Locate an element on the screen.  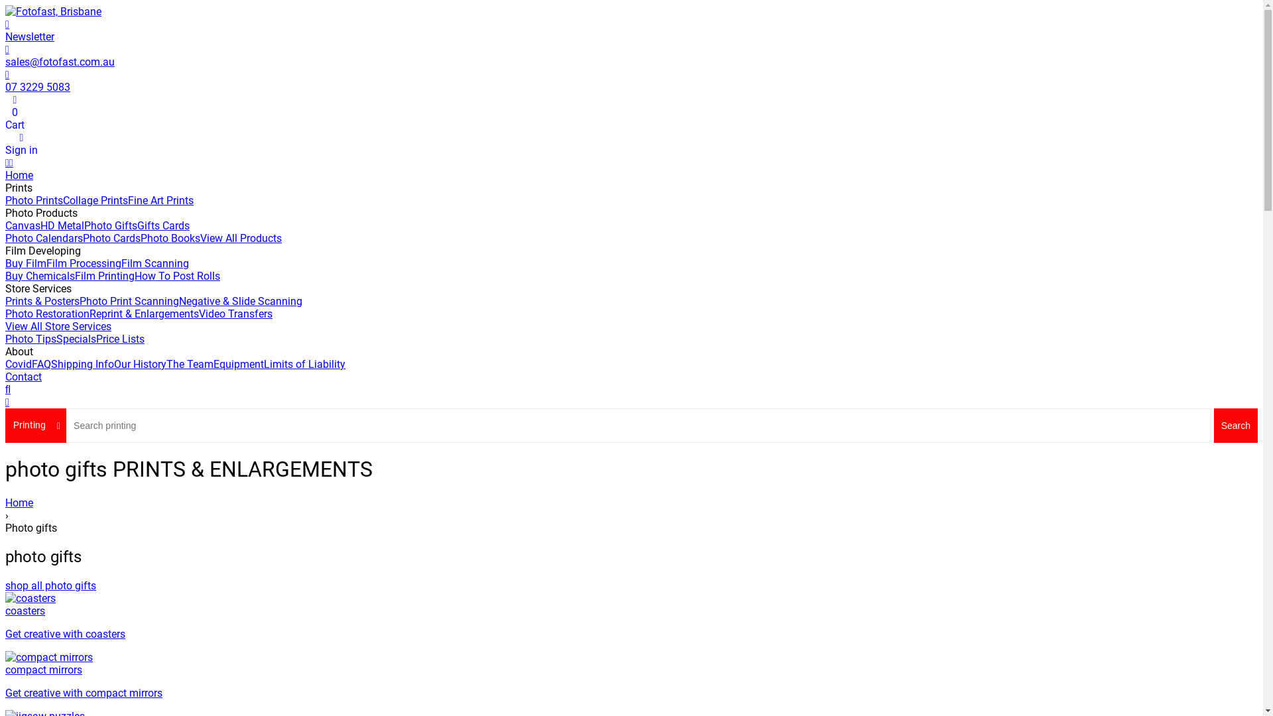
'View All Store Services' is located at coordinates (57, 326).